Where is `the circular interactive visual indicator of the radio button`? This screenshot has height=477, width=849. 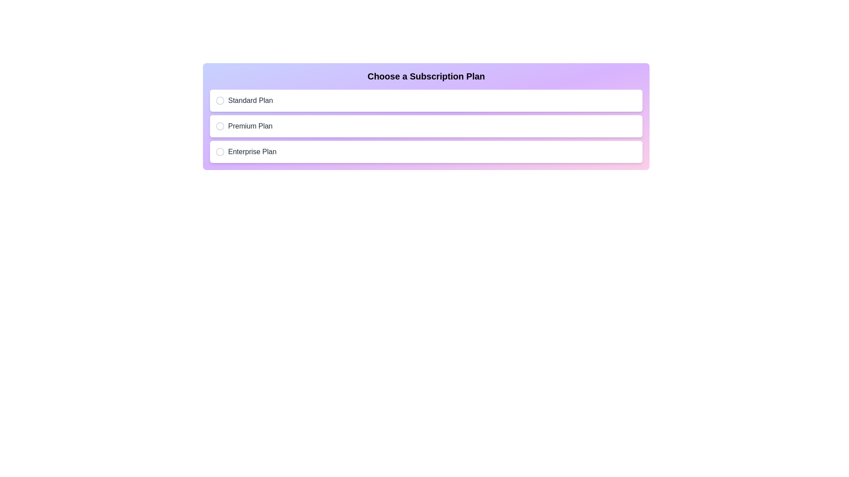
the circular interactive visual indicator of the radio button is located at coordinates (220, 126).